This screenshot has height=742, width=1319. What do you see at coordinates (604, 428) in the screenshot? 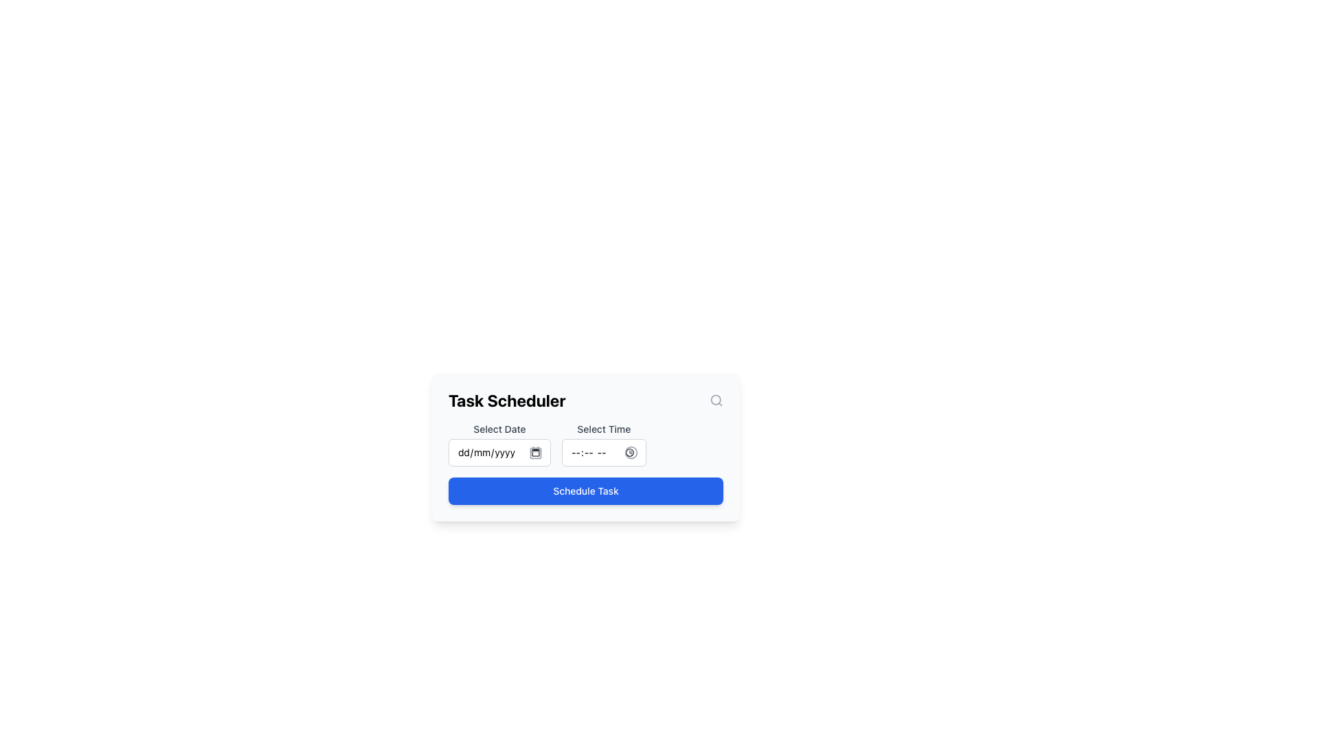
I see `the descriptive label for the time selection input field located in the top-center region of the 'Task Scheduler' form` at bounding box center [604, 428].